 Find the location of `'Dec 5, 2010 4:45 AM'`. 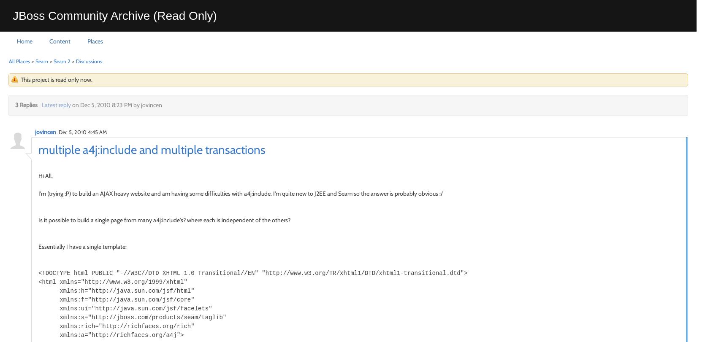

'Dec 5, 2010 4:45 AM' is located at coordinates (82, 132).